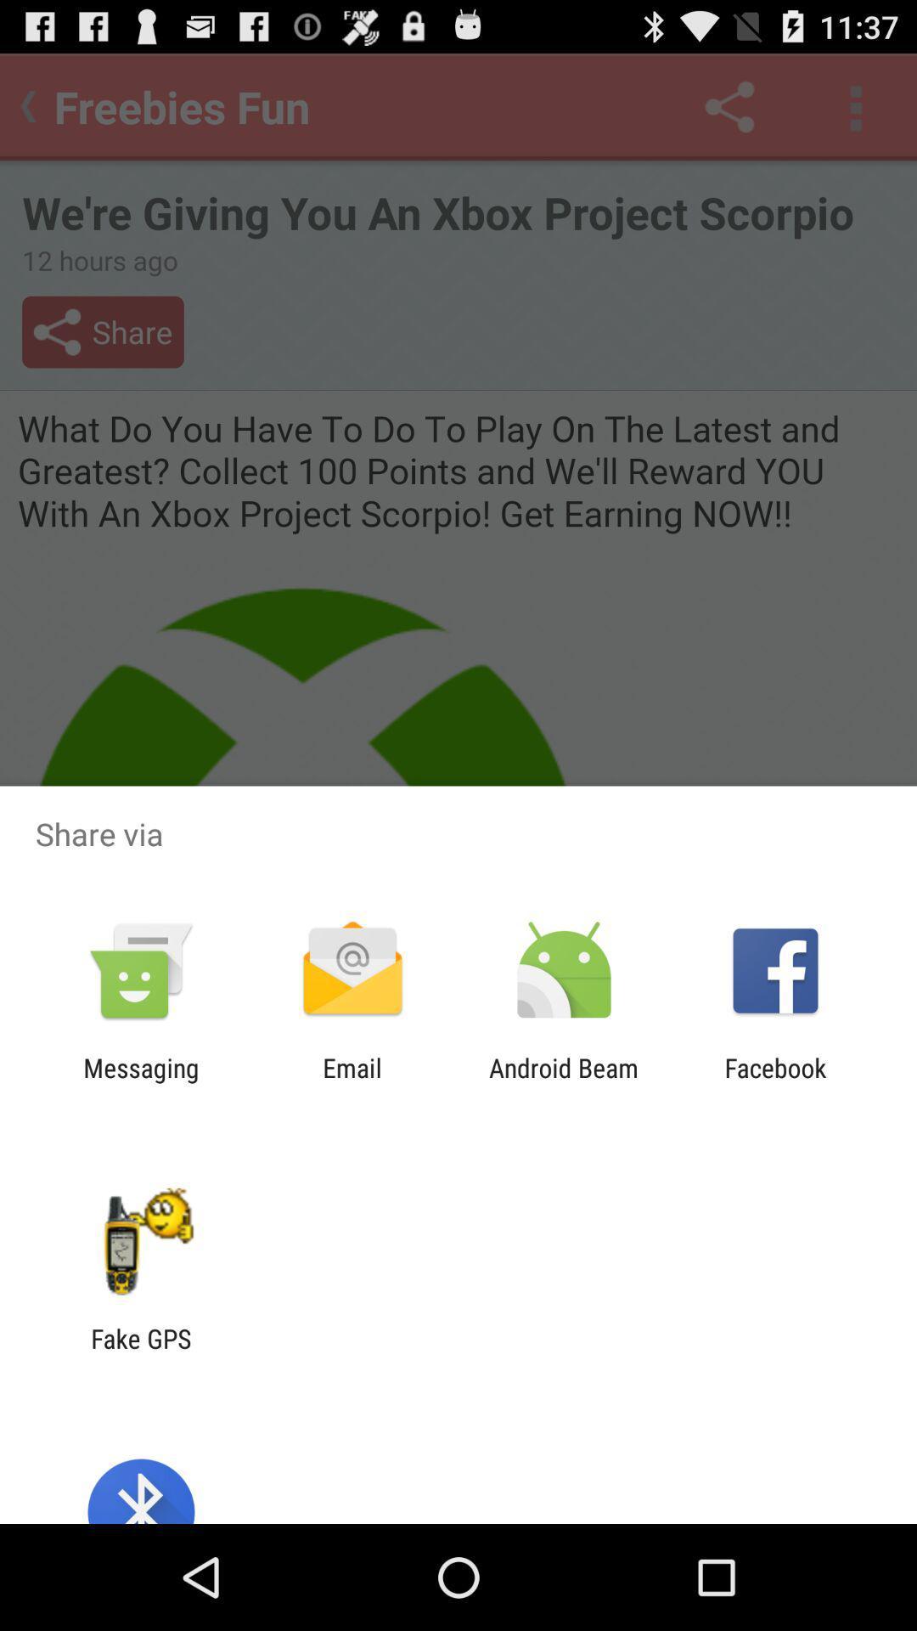 The width and height of the screenshot is (917, 1631). I want to click on icon next to email icon, so click(564, 1082).